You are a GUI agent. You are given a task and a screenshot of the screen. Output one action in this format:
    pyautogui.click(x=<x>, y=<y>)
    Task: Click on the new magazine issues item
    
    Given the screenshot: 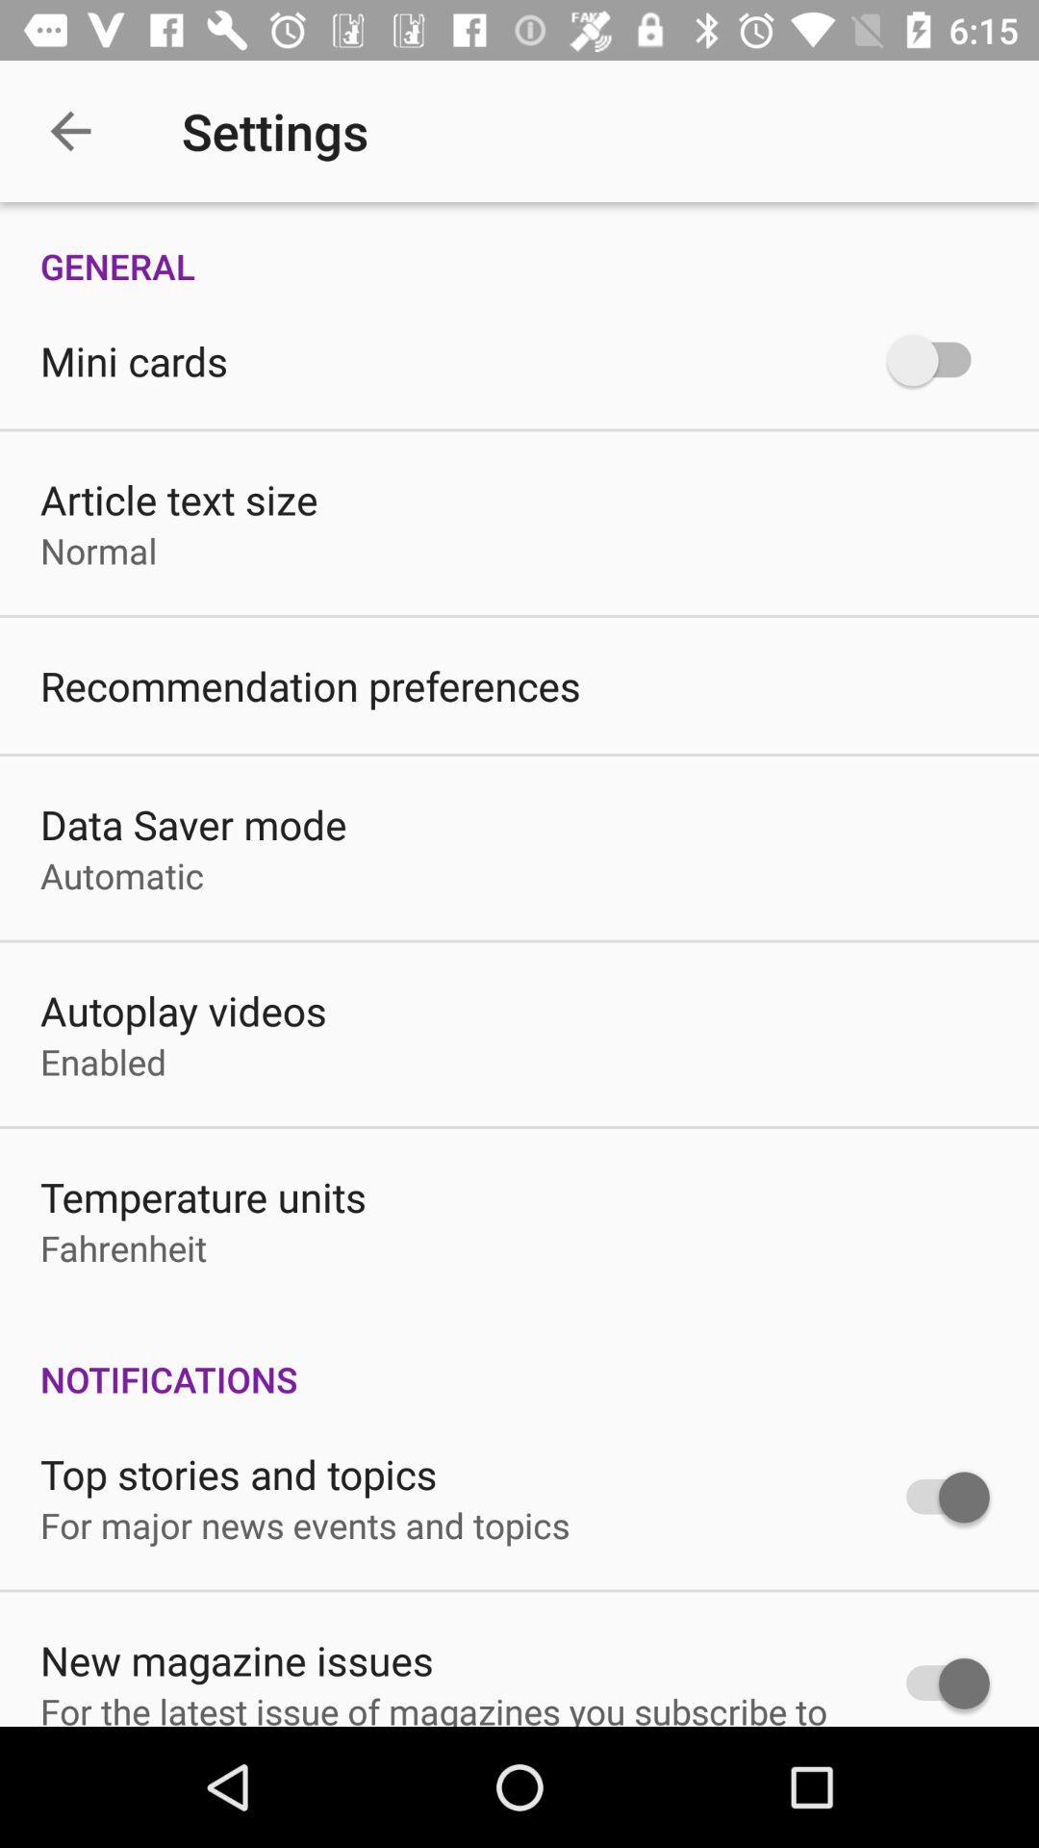 What is the action you would take?
    pyautogui.click(x=236, y=1658)
    